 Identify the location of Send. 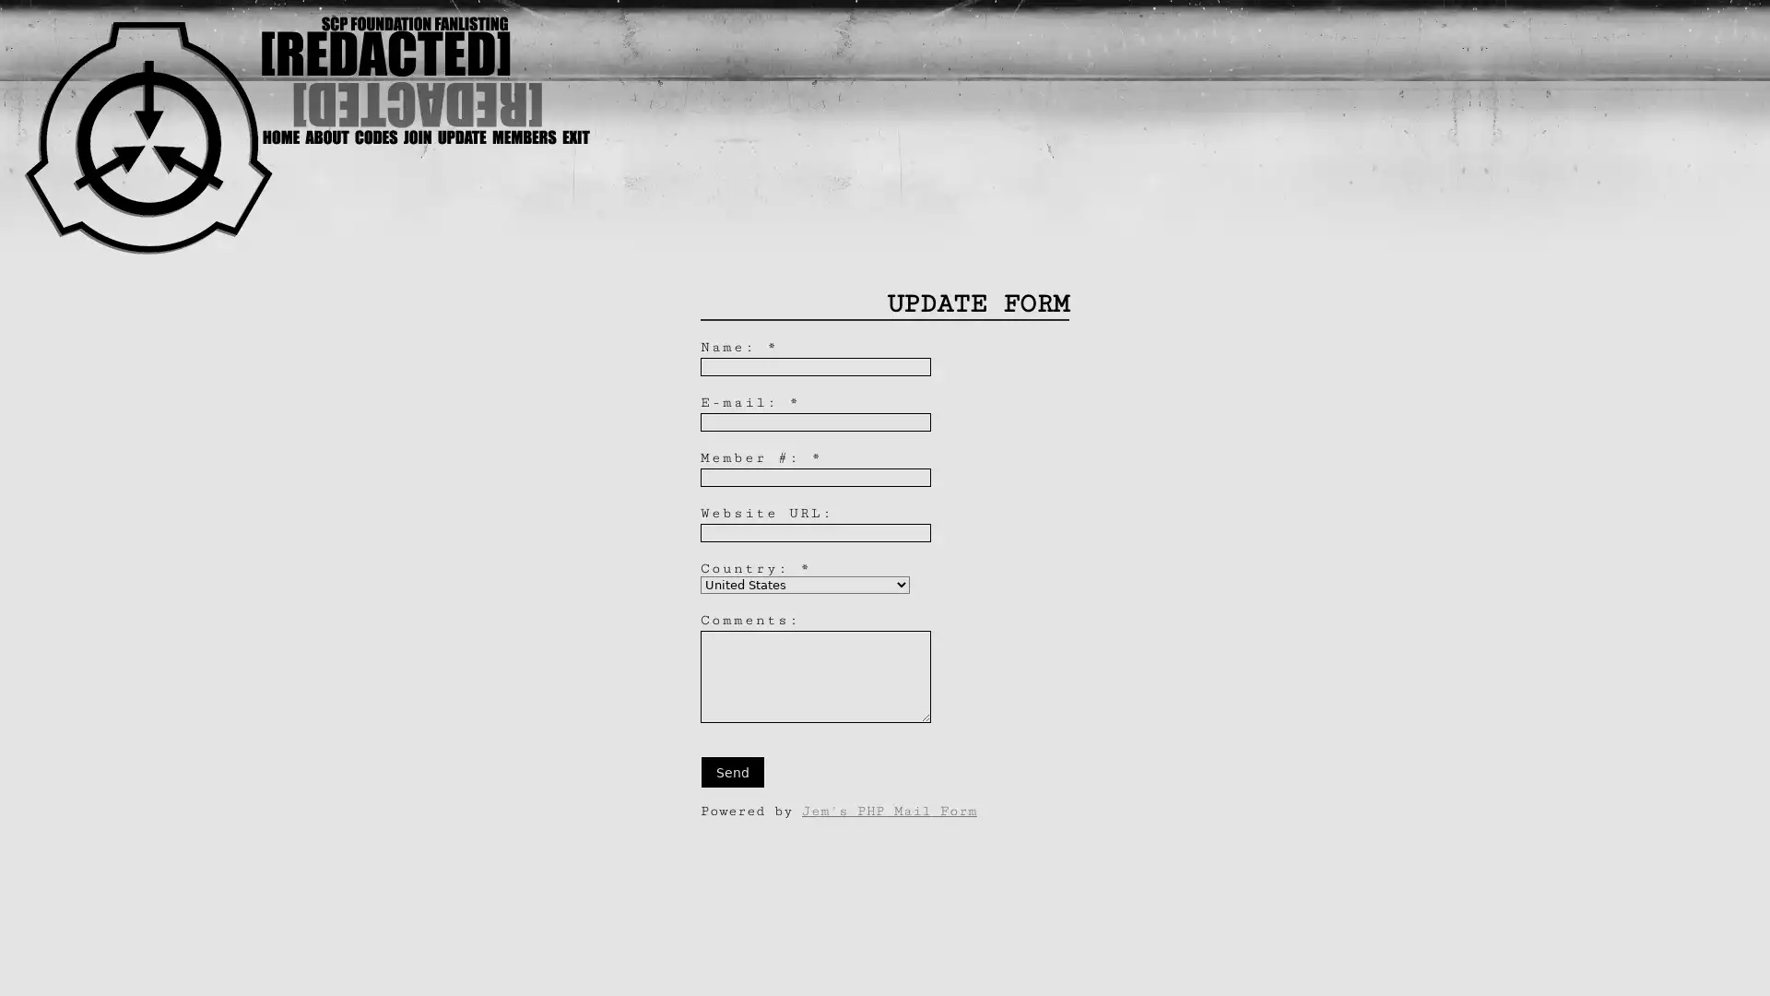
(732, 772).